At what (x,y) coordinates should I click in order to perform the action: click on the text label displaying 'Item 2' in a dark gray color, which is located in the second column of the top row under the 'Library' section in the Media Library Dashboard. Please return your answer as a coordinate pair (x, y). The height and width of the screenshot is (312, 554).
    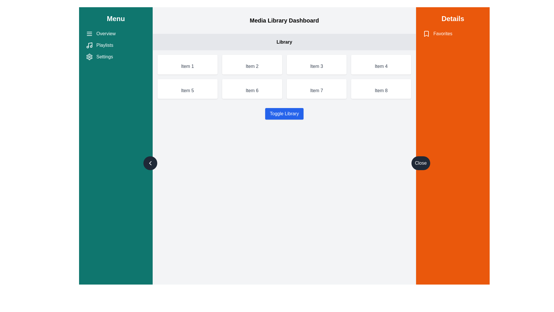
    Looking at the image, I should click on (252, 66).